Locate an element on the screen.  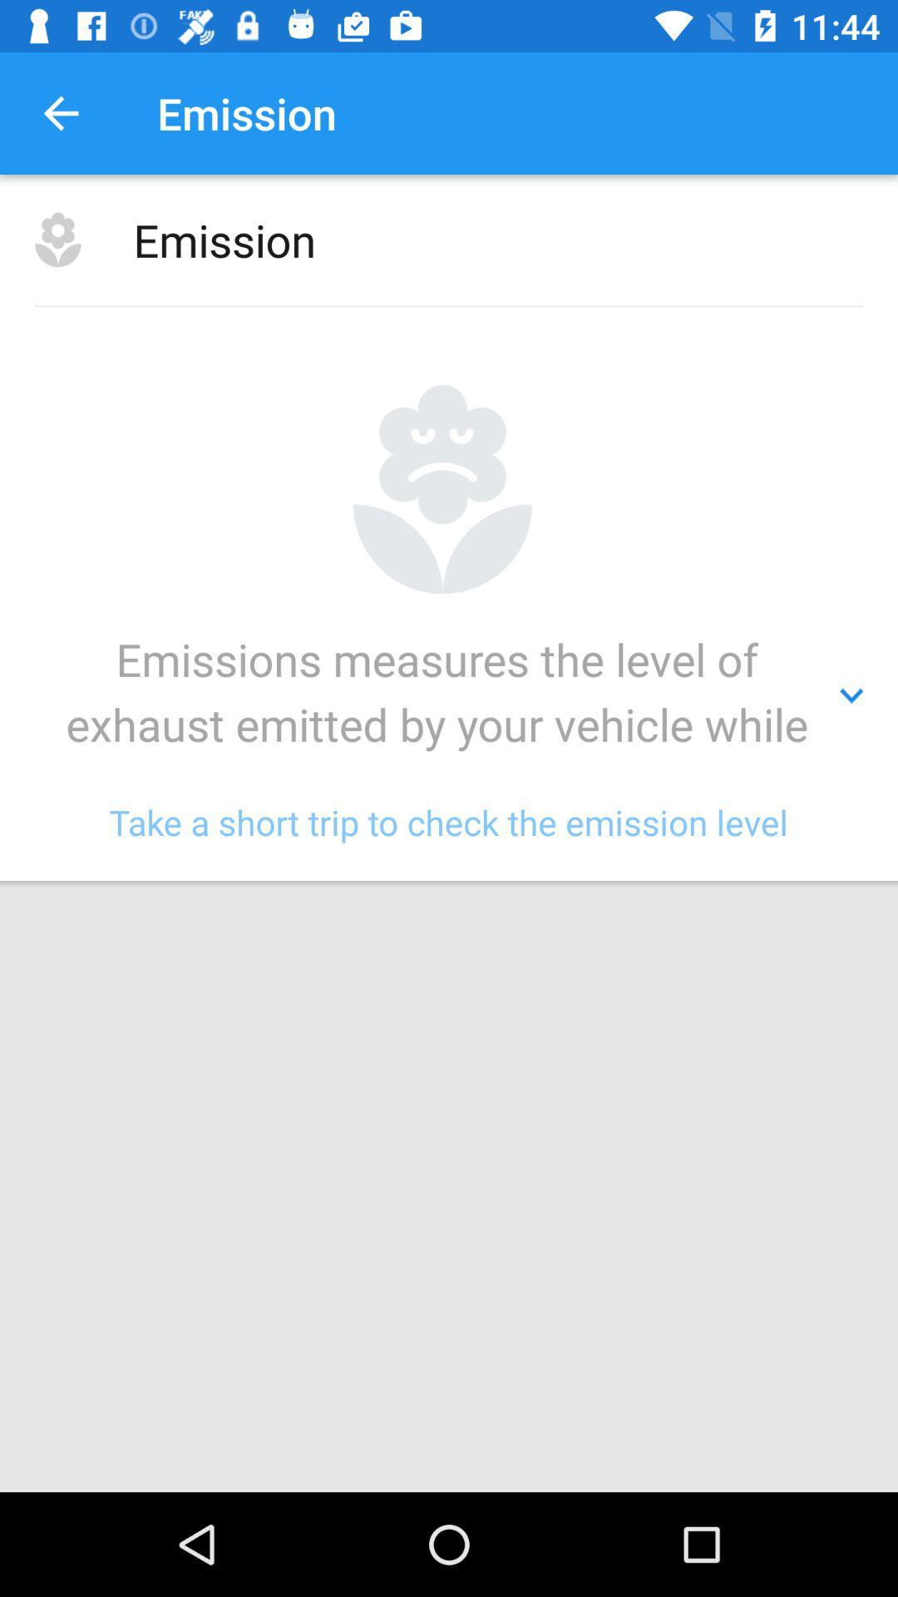
the icon above take a short is located at coordinates (449, 695).